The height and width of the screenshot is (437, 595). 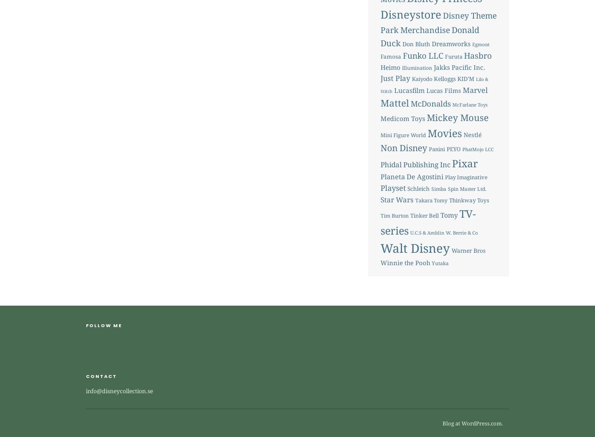 I want to click on 'Spin Master Ltd.', so click(x=466, y=188).